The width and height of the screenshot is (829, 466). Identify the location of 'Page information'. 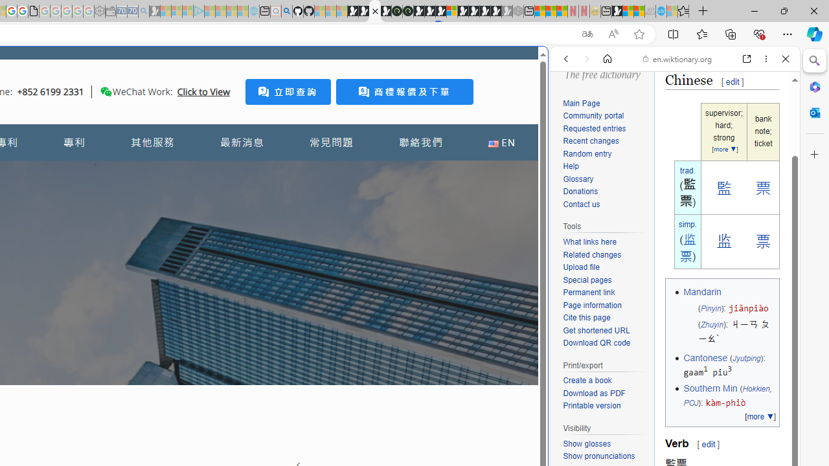
(605, 305).